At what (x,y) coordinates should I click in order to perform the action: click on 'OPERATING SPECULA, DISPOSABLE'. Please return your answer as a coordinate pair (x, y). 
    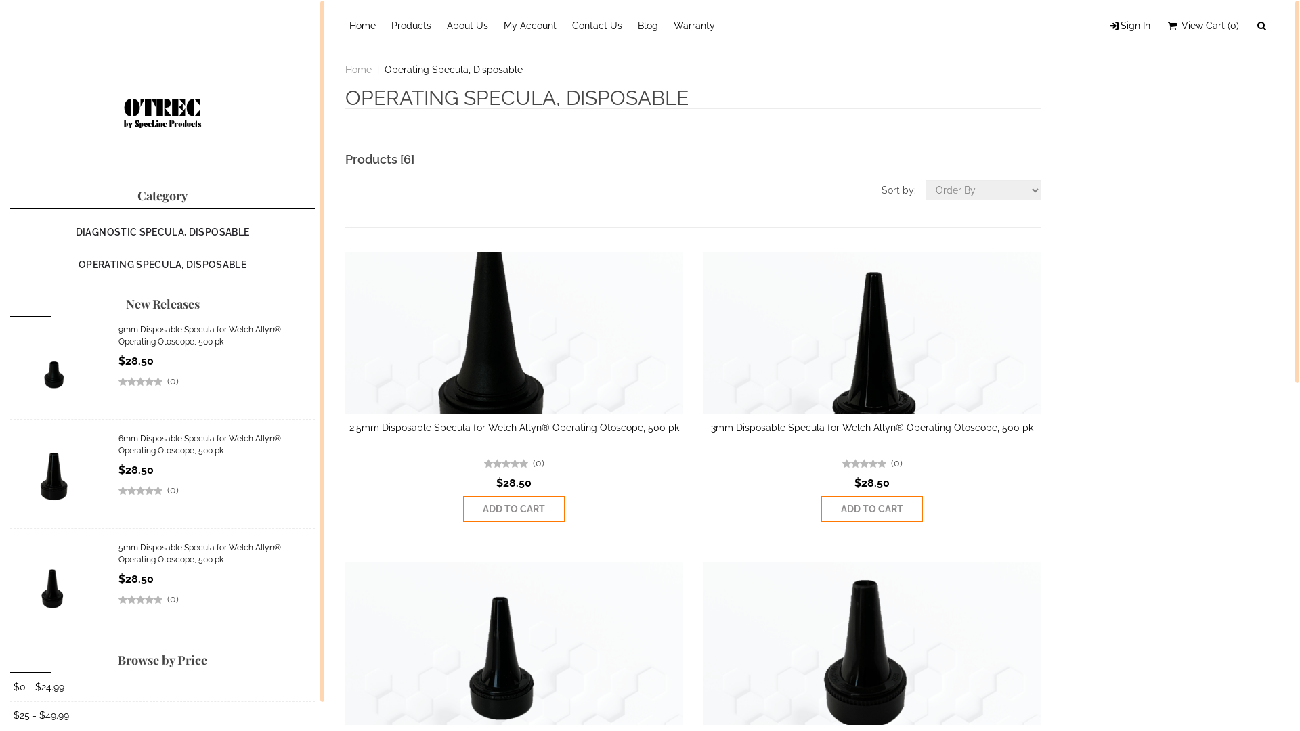
    Looking at the image, I should click on (162, 264).